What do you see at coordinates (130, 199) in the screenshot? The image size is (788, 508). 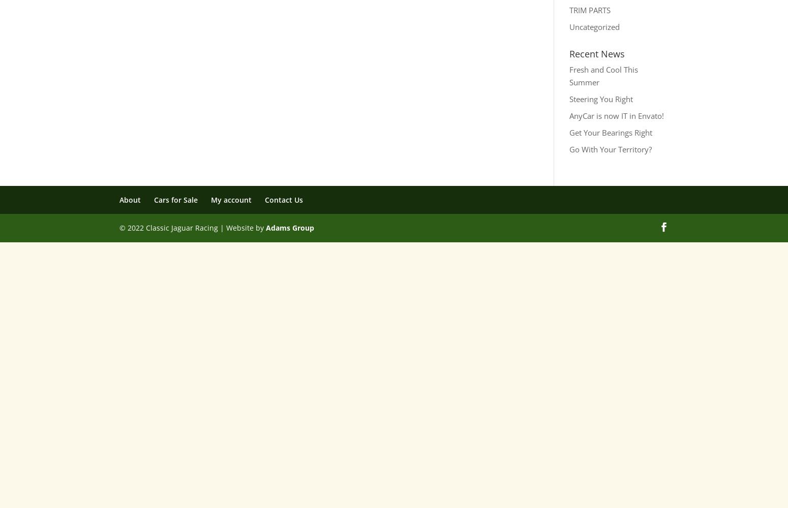 I see `'About'` at bounding box center [130, 199].